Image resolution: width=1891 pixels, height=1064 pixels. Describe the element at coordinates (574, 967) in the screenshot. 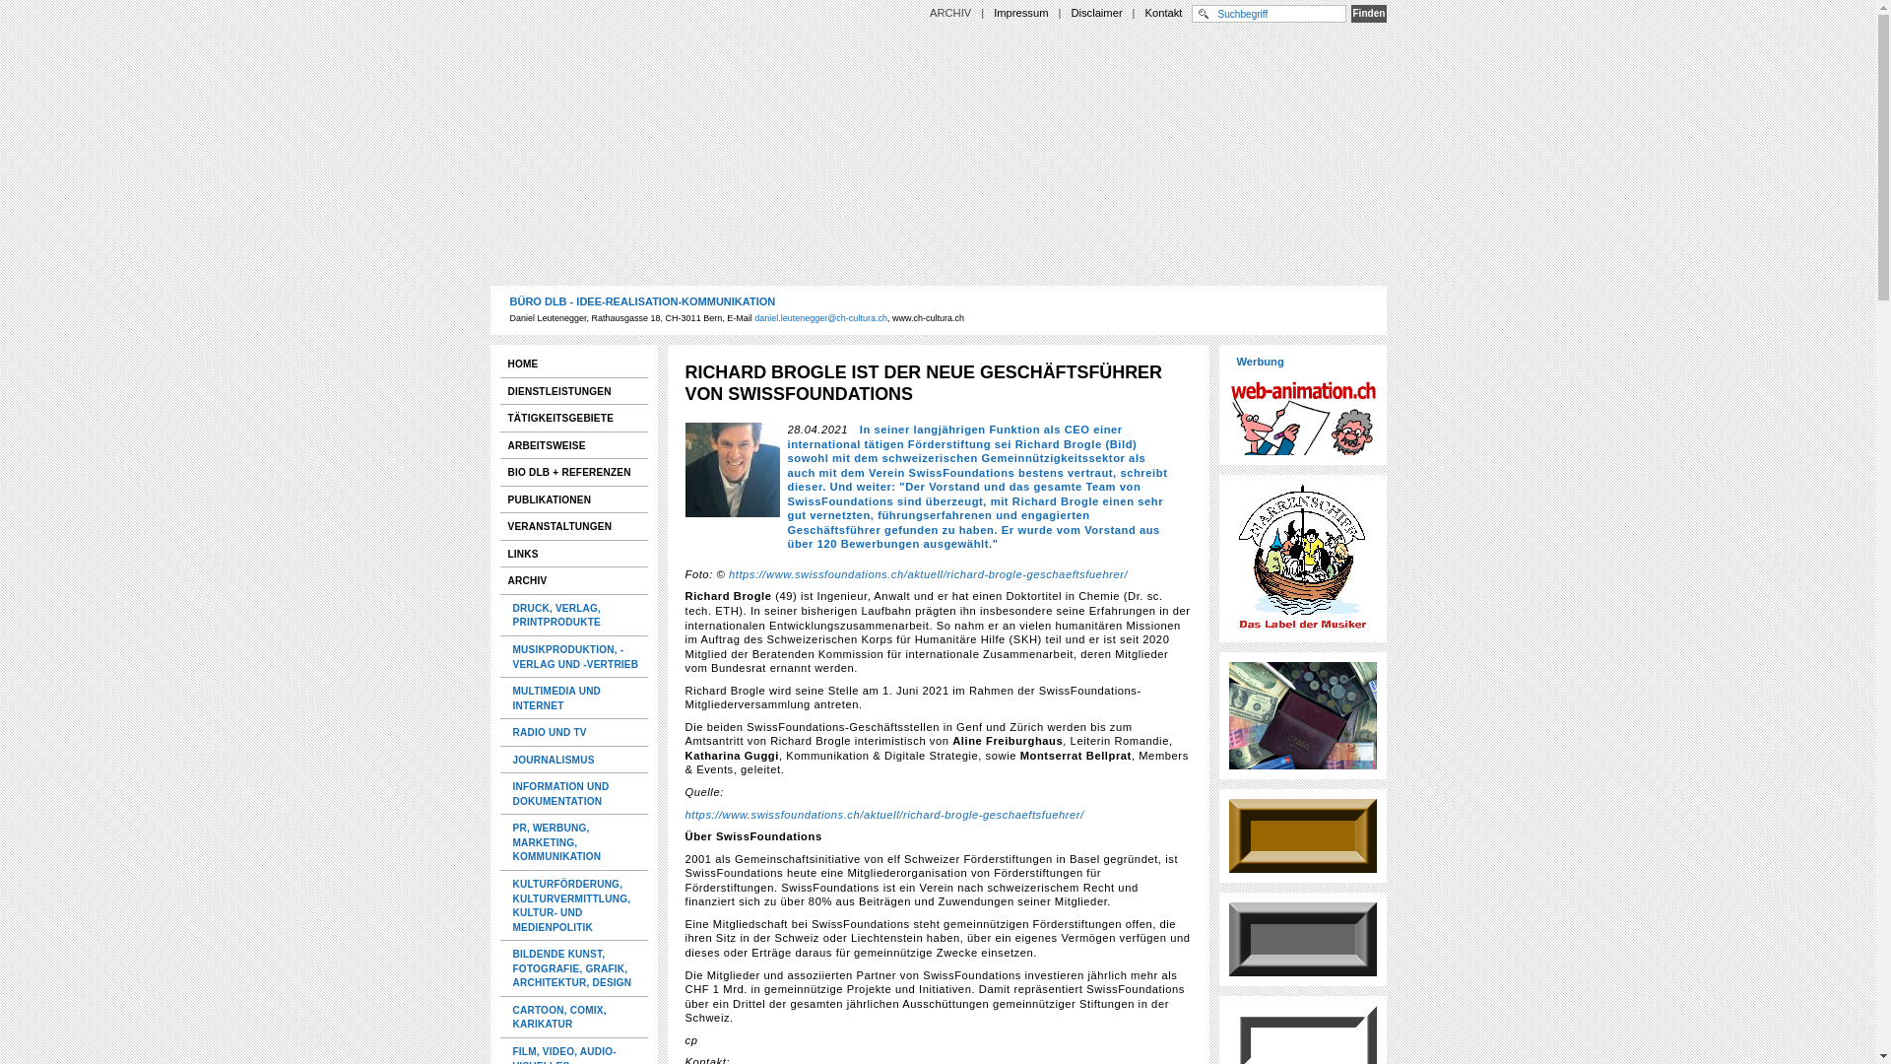

I see `'BILDENDE KUNST, FOTOGRAFIE, GRAFIK, ARCHITEKTUR, DESIGN'` at that location.